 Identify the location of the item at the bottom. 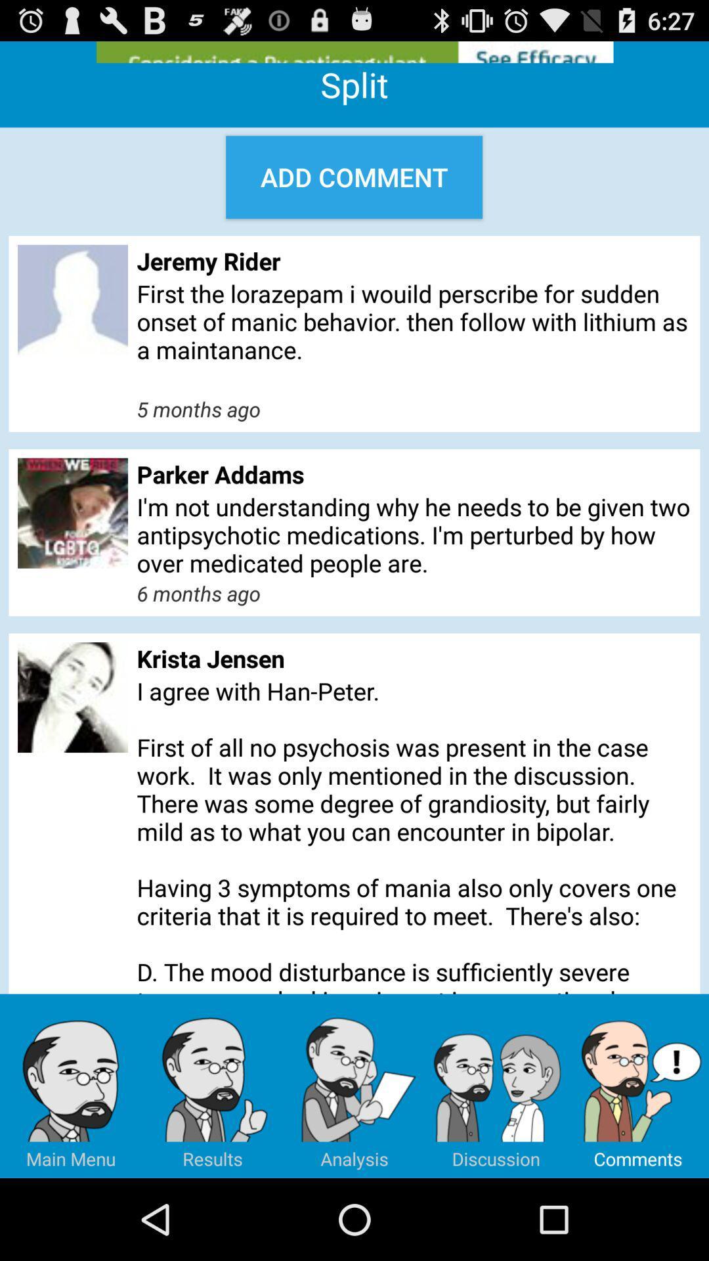
(354, 1086).